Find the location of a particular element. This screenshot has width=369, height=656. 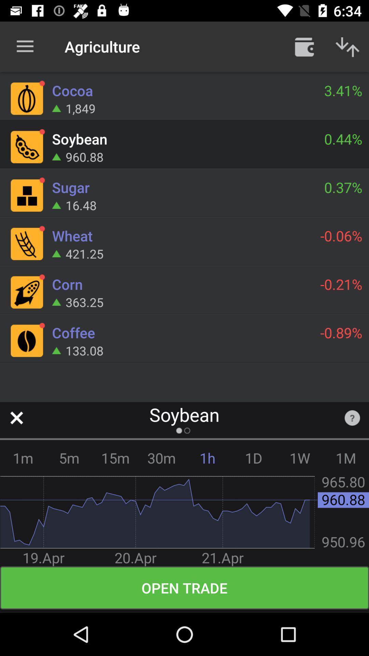

the icon next to the 1h icon is located at coordinates (161, 458).